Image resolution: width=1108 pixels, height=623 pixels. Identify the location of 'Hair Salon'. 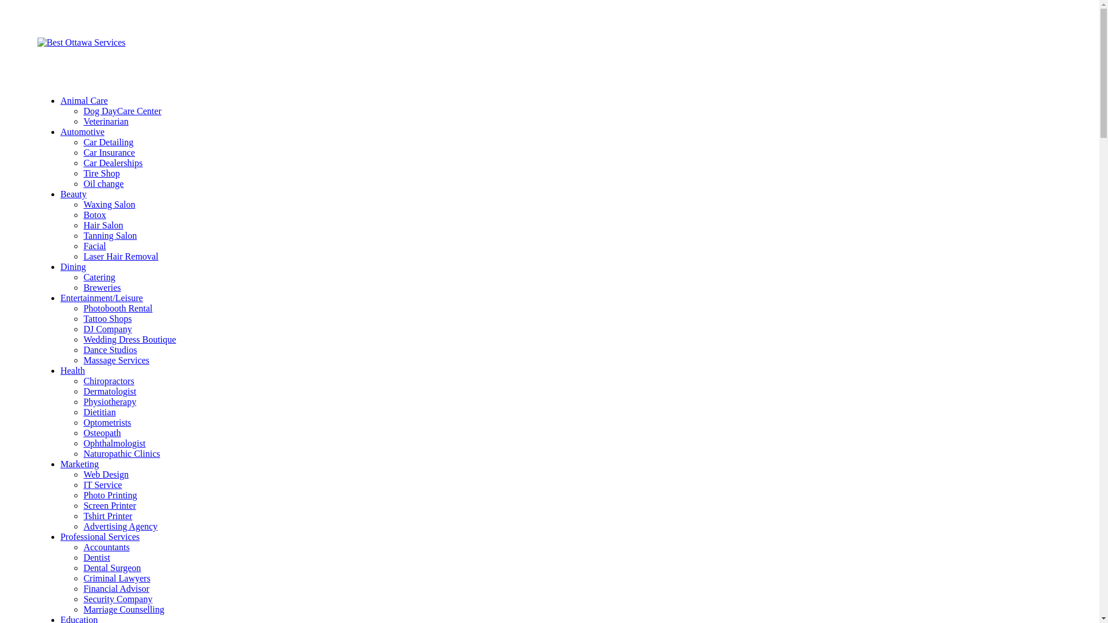
(103, 225).